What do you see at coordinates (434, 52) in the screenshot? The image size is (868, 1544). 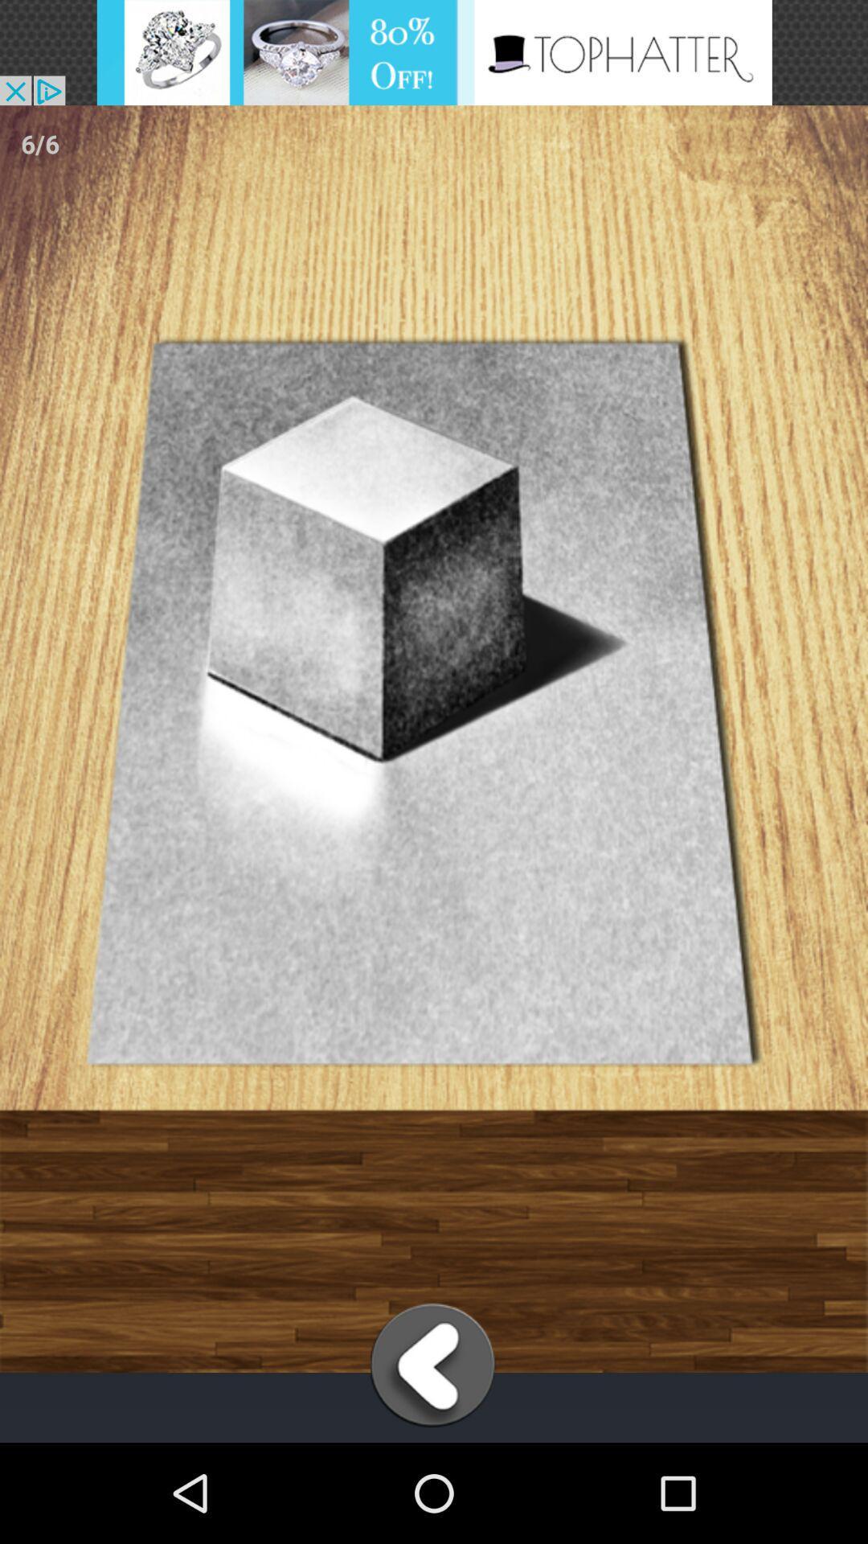 I see `open the advertisement` at bounding box center [434, 52].